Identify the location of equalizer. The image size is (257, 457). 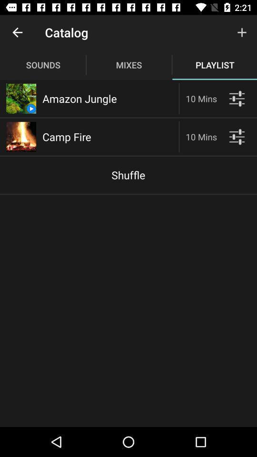
(236, 99).